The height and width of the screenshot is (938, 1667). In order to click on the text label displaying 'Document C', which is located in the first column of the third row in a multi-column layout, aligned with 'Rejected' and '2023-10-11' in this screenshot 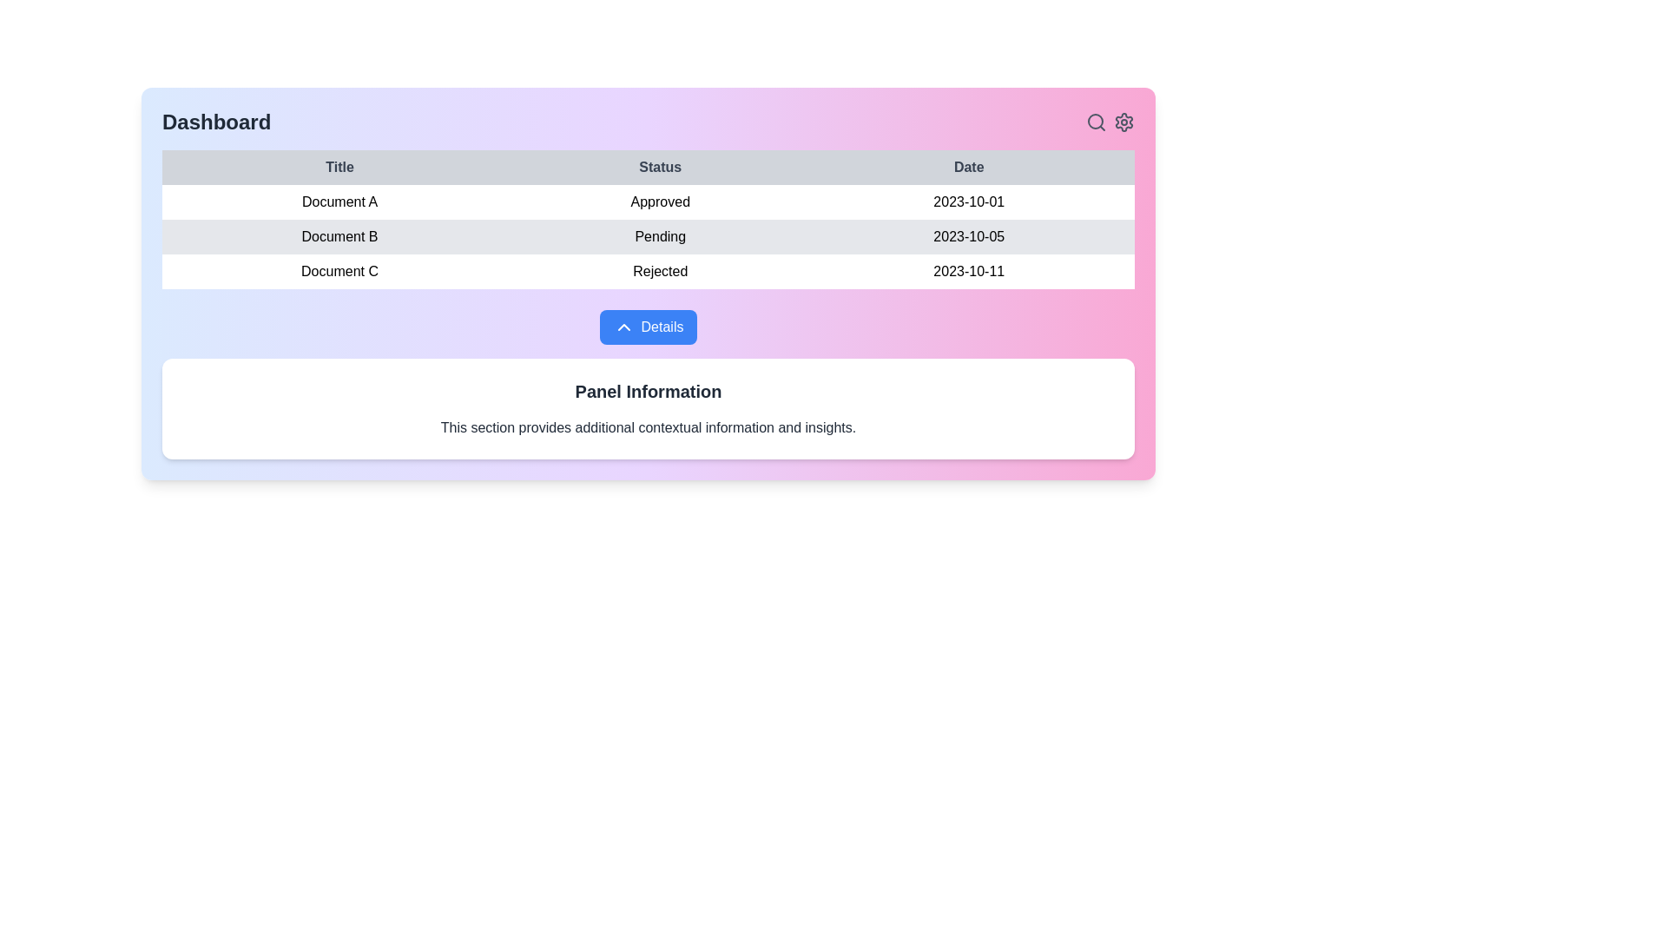, I will do `click(339, 271)`.